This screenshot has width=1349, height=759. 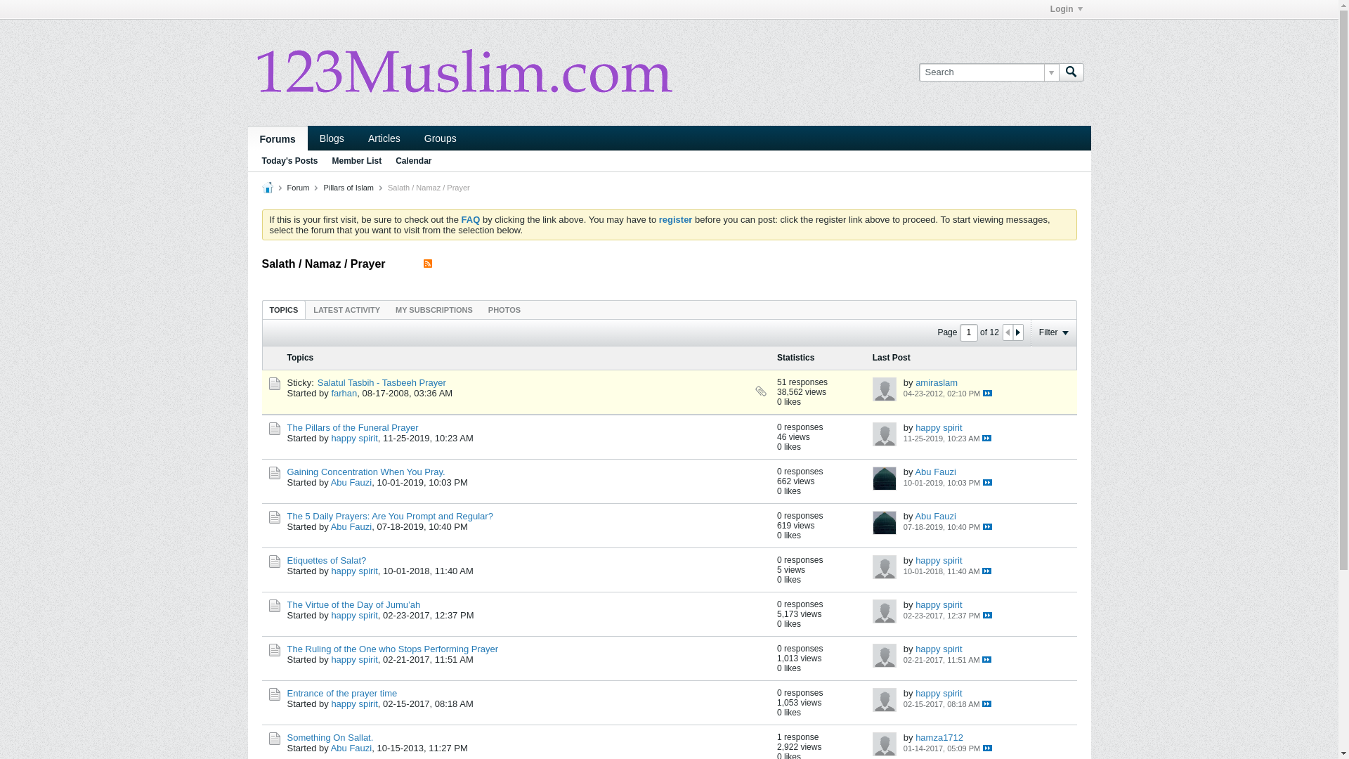 I want to click on 'LATEST ACTIVITY', so click(x=306, y=309).